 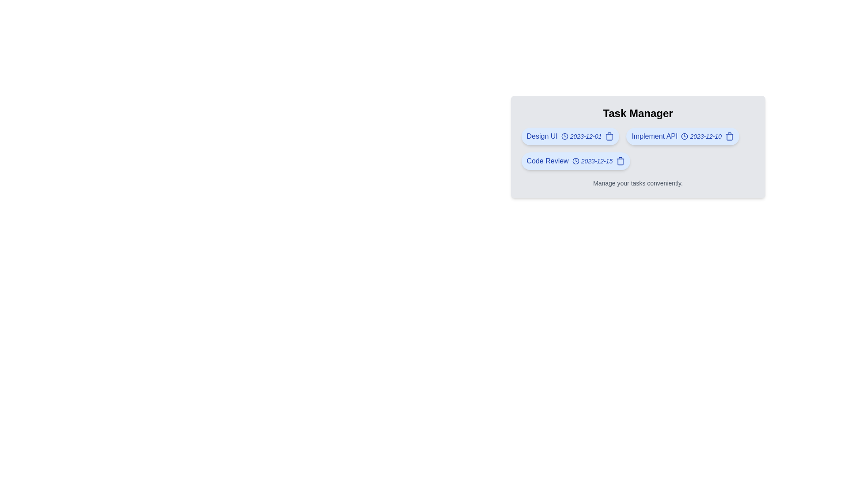 I want to click on the task chip labeled 'Code Review' to view its deadline, so click(x=575, y=161).